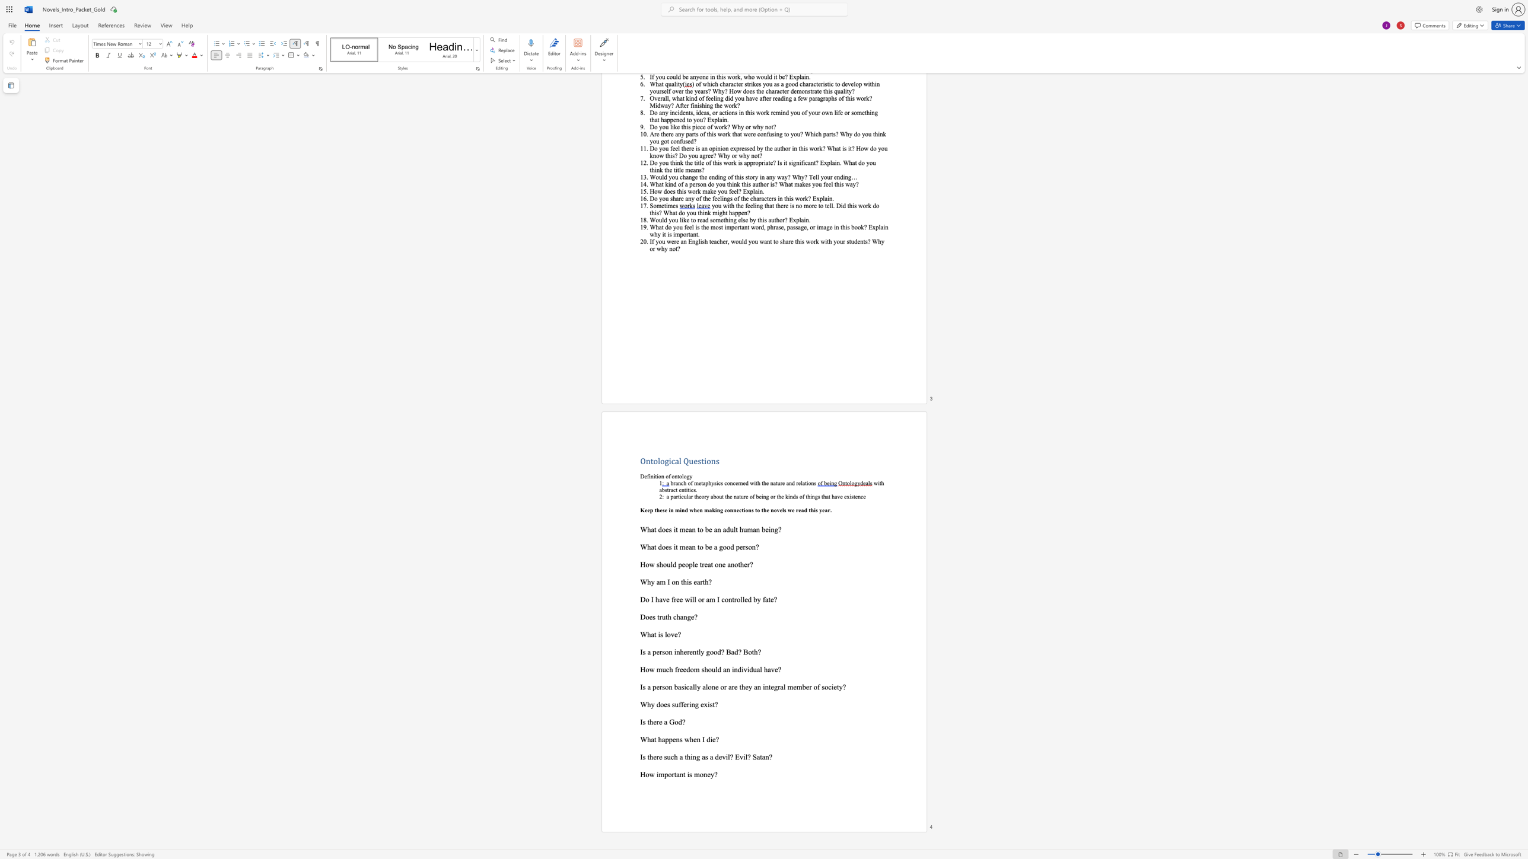 This screenshot has height=859, width=1528. I want to click on the subset text "di" within the text "How much freedom should an individual have?", so click(737, 669).